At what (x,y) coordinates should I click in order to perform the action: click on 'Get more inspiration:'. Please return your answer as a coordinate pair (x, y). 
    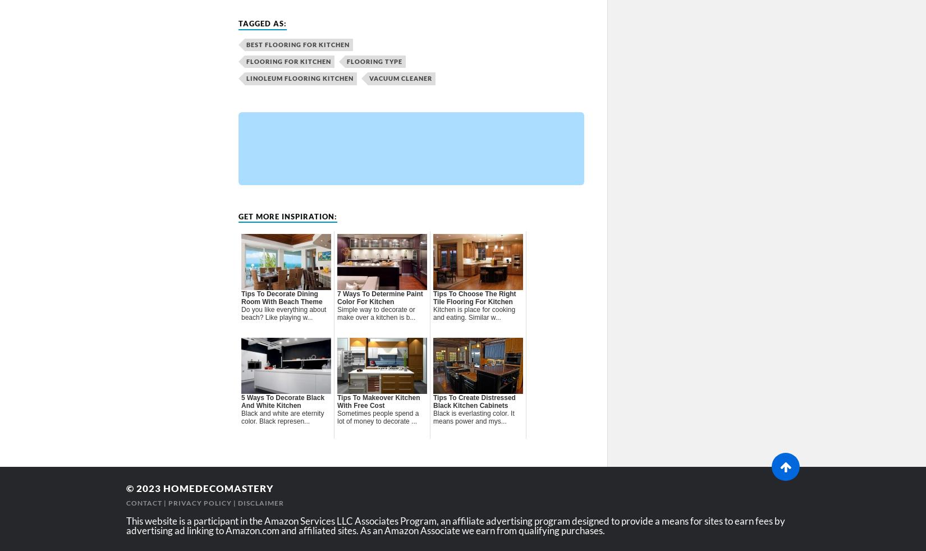
    Looking at the image, I should click on (287, 216).